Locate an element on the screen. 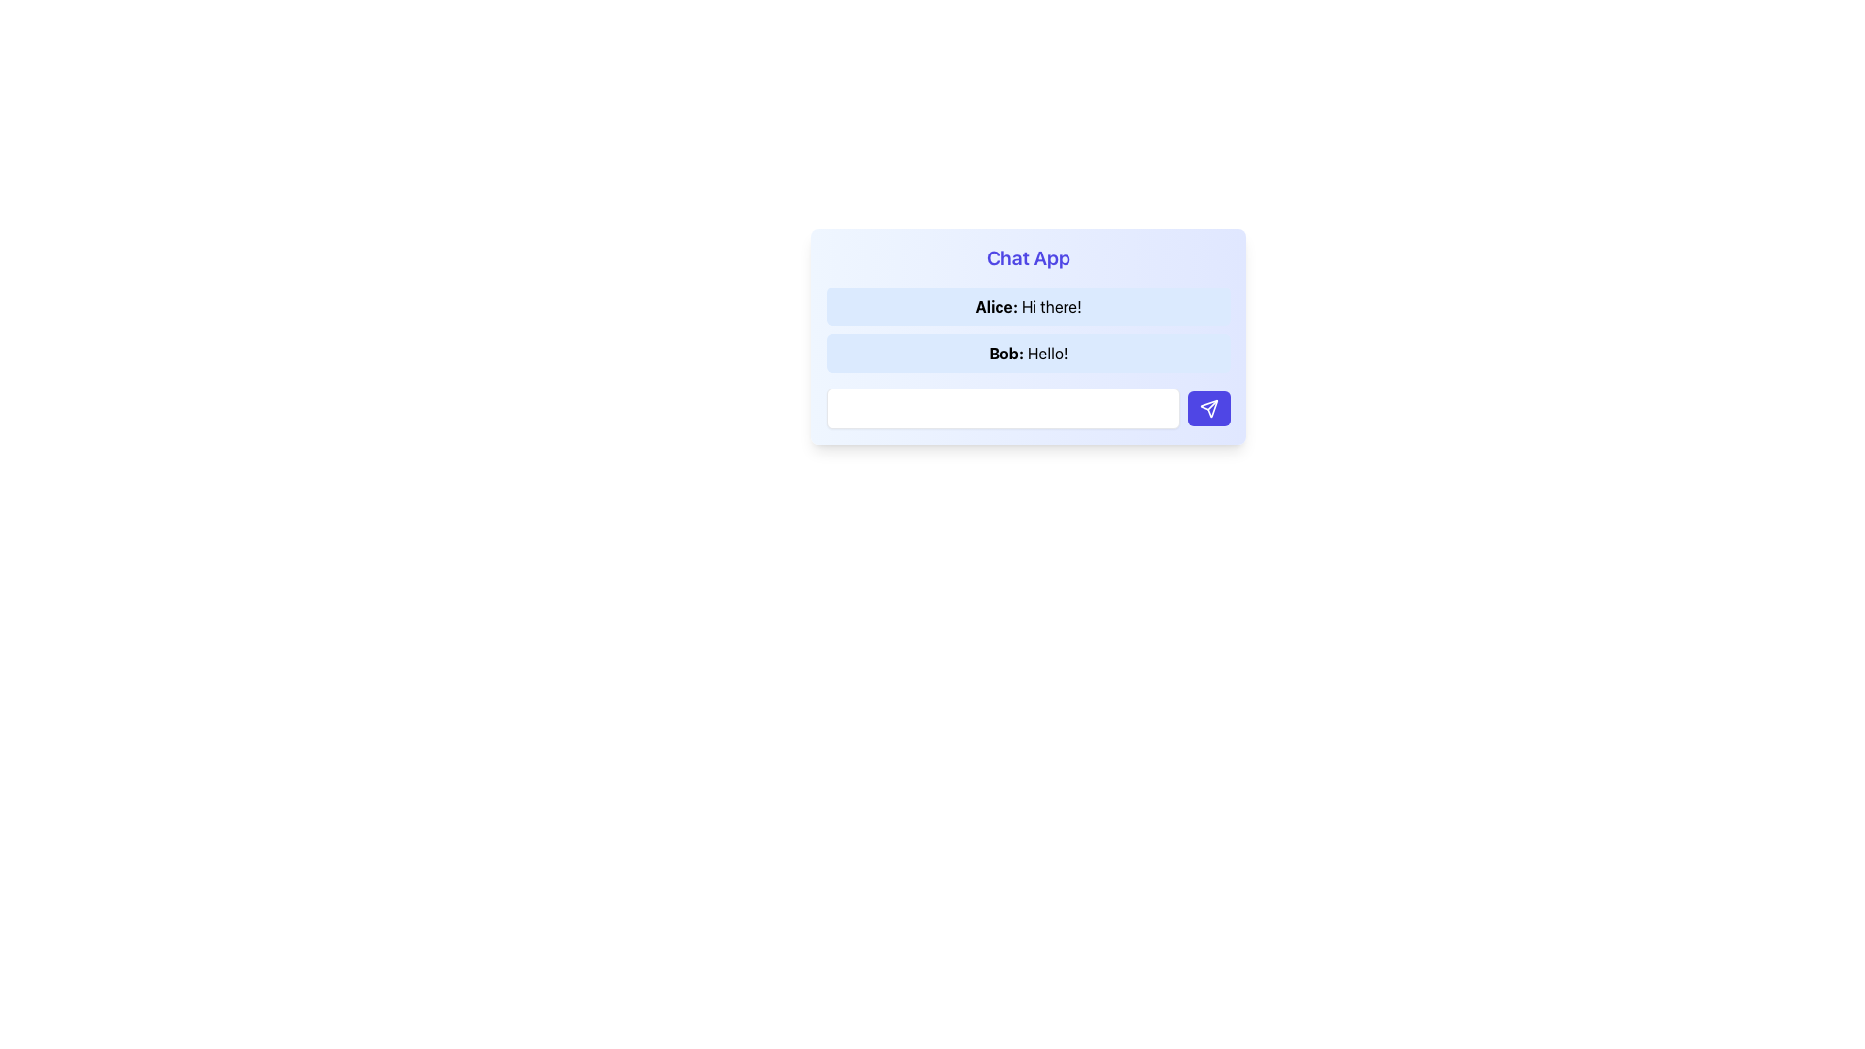  the purple button with rounded corners and a paper plane icon to send the input is located at coordinates (1207, 407).